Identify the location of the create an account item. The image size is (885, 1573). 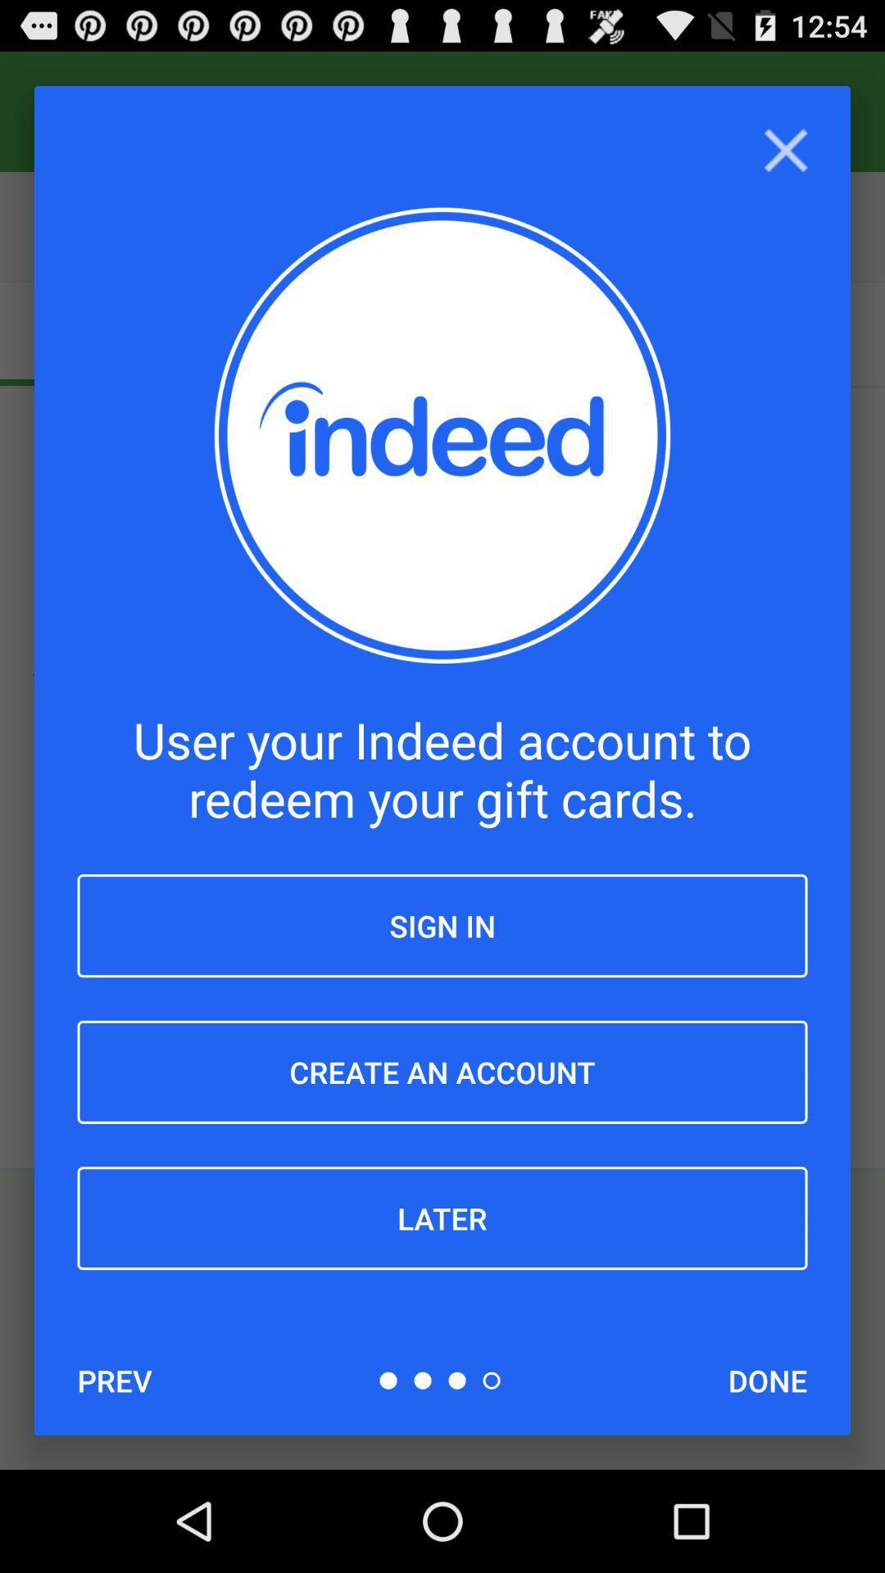
(442, 1072).